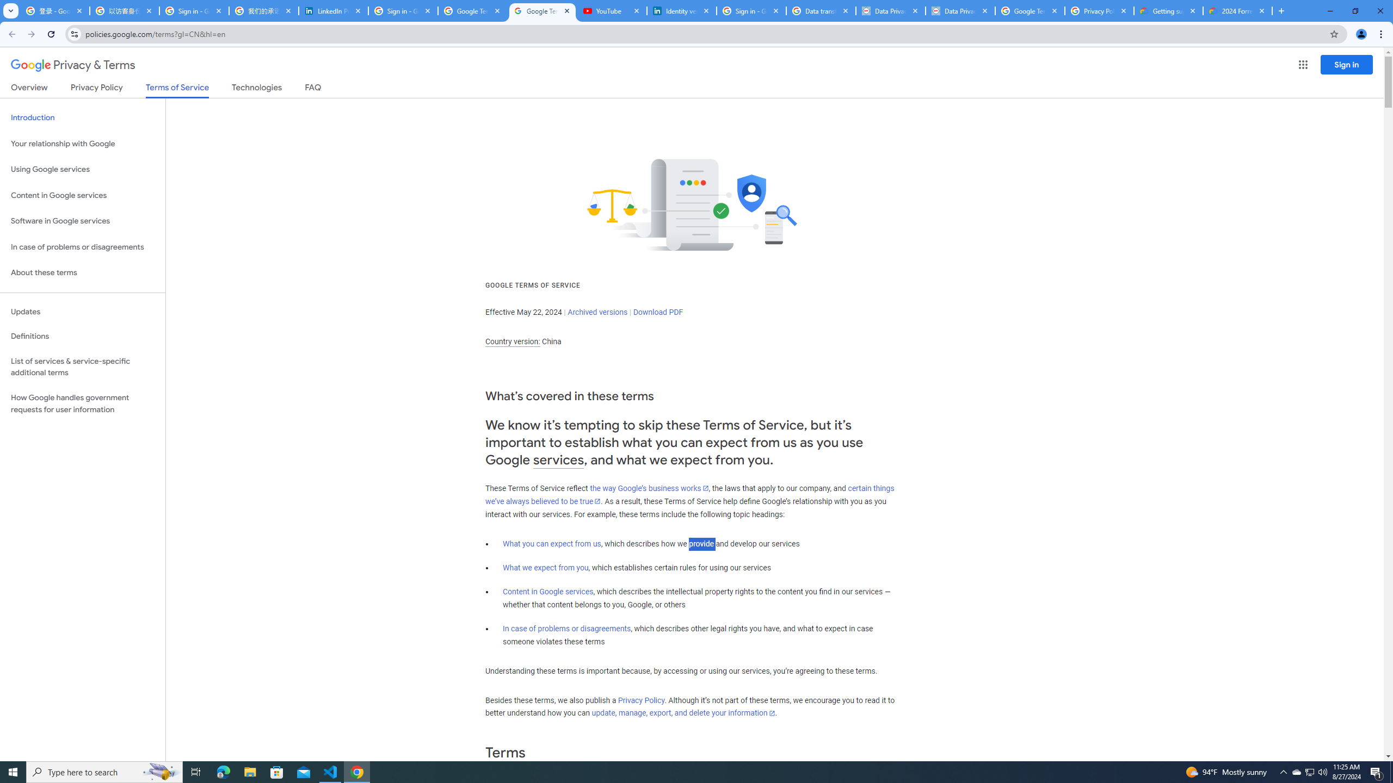  What do you see at coordinates (82, 220) in the screenshot?
I see `'Software in Google services'` at bounding box center [82, 220].